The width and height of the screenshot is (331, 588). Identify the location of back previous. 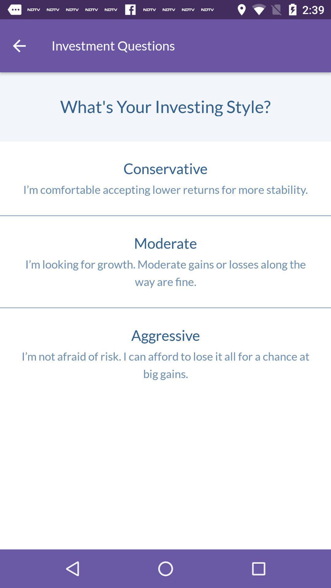
(19, 45).